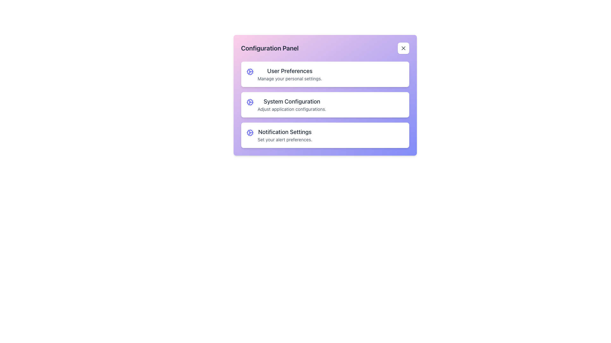 The height and width of the screenshot is (343, 611). What do you see at coordinates (325, 104) in the screenshot?
I see `the second Informational Card in the Configuration Panel` at bounding box center [325, 104].